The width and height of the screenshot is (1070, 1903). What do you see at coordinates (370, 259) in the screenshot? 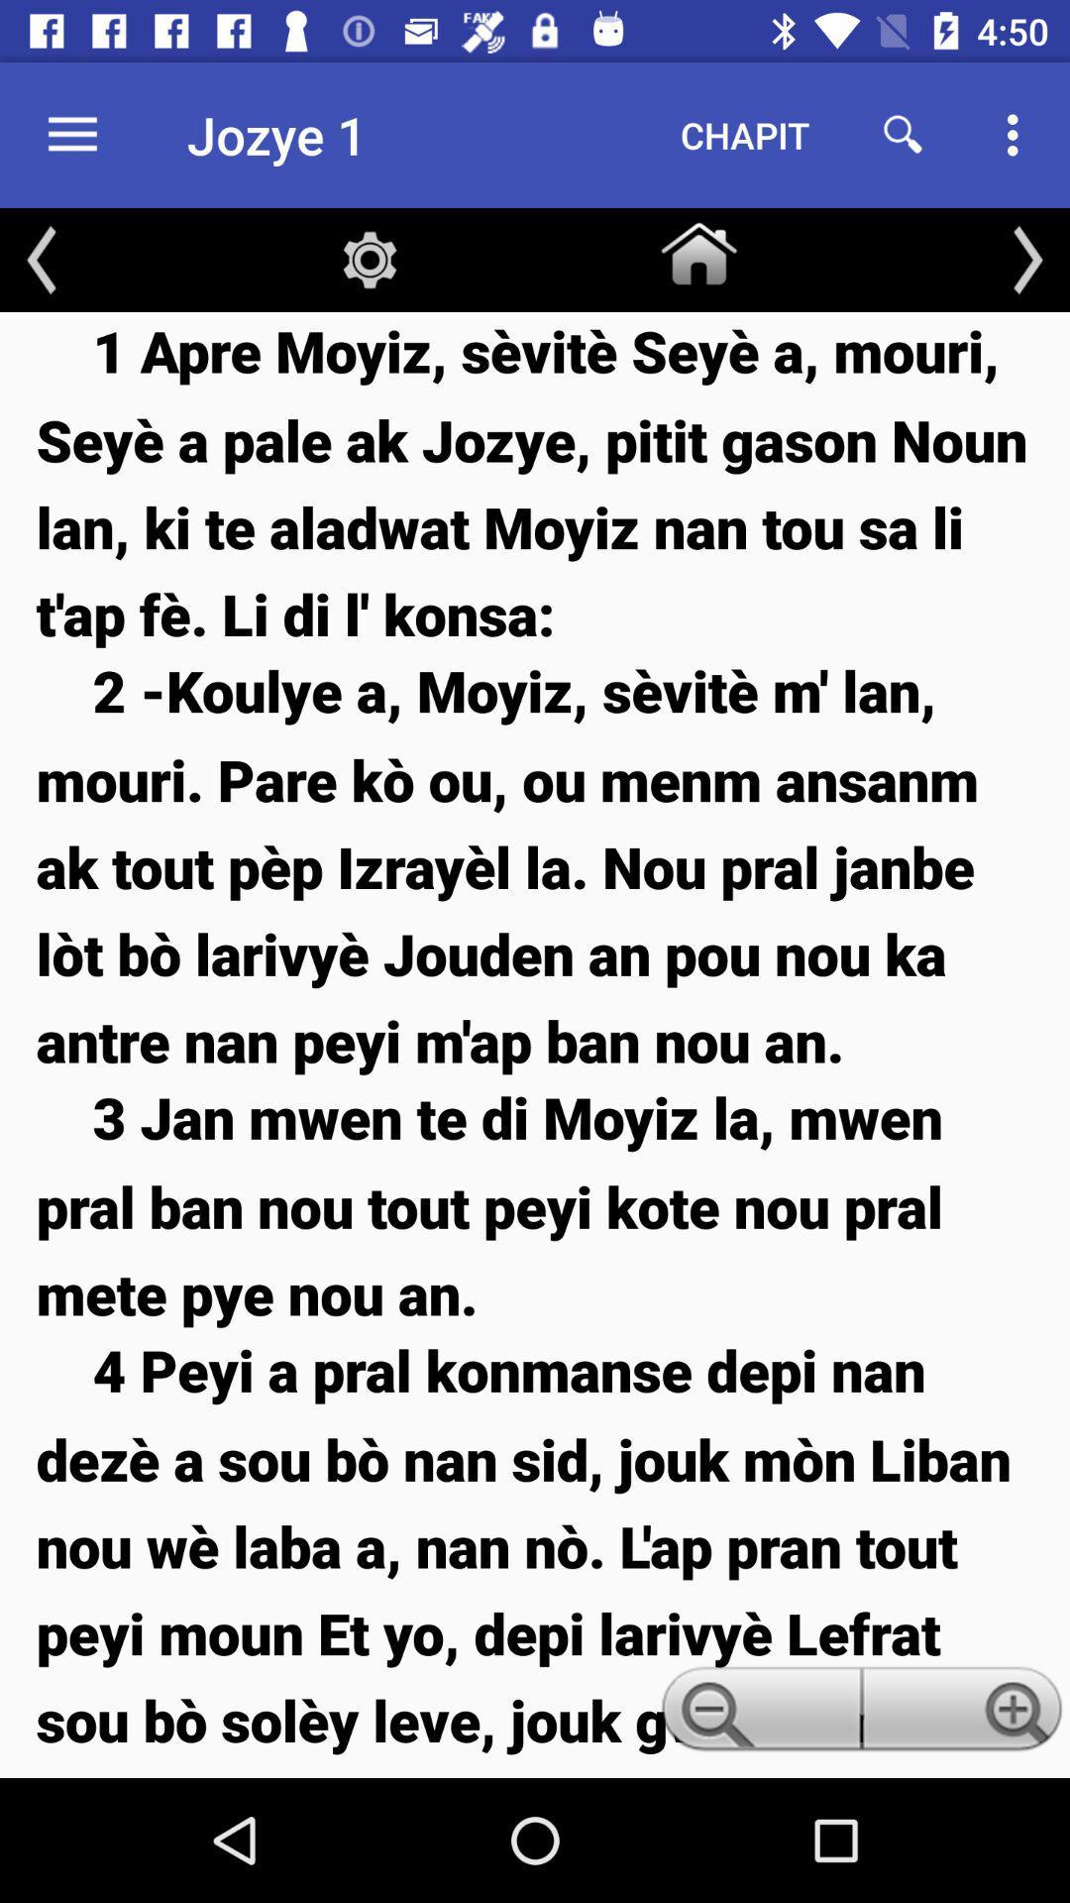
I see `the settings icon` at bounding box center [370, 259].